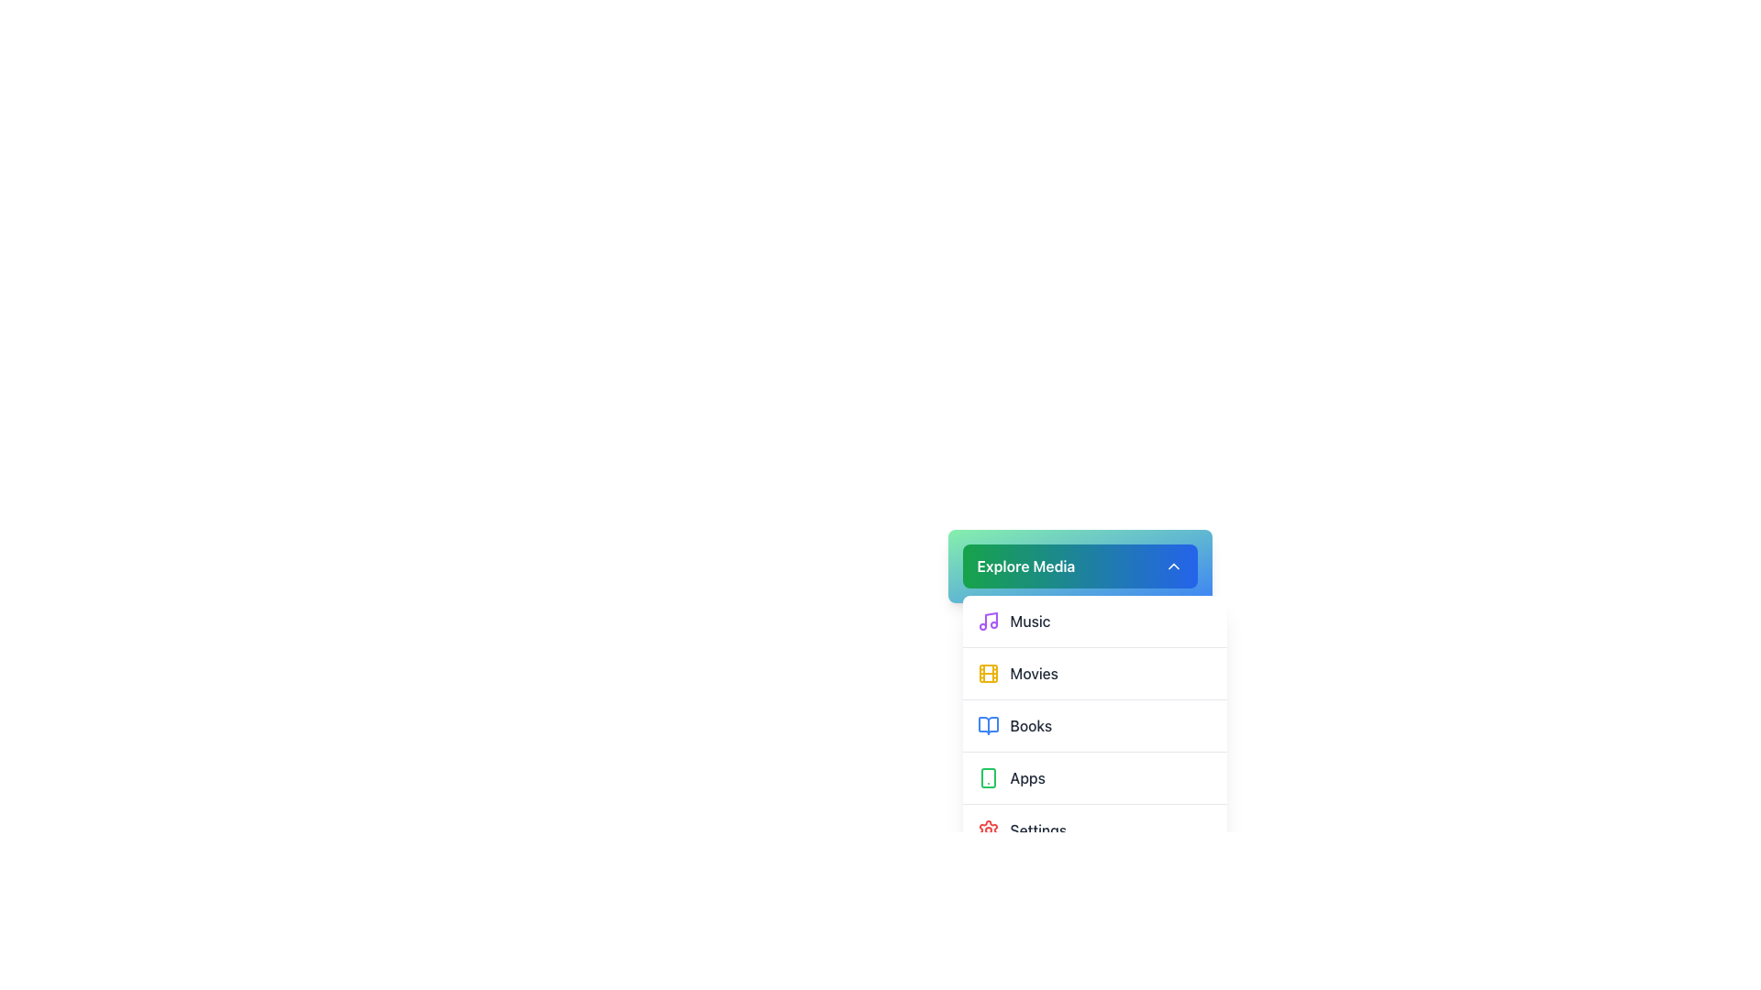  What do you see at coordinates (1038, 830) in the screenshot?
I see `the Text Label that serves as a label for a clickable list item representing settings, positioned to the right of a red settings icon` at bounding box center [1038, 830].